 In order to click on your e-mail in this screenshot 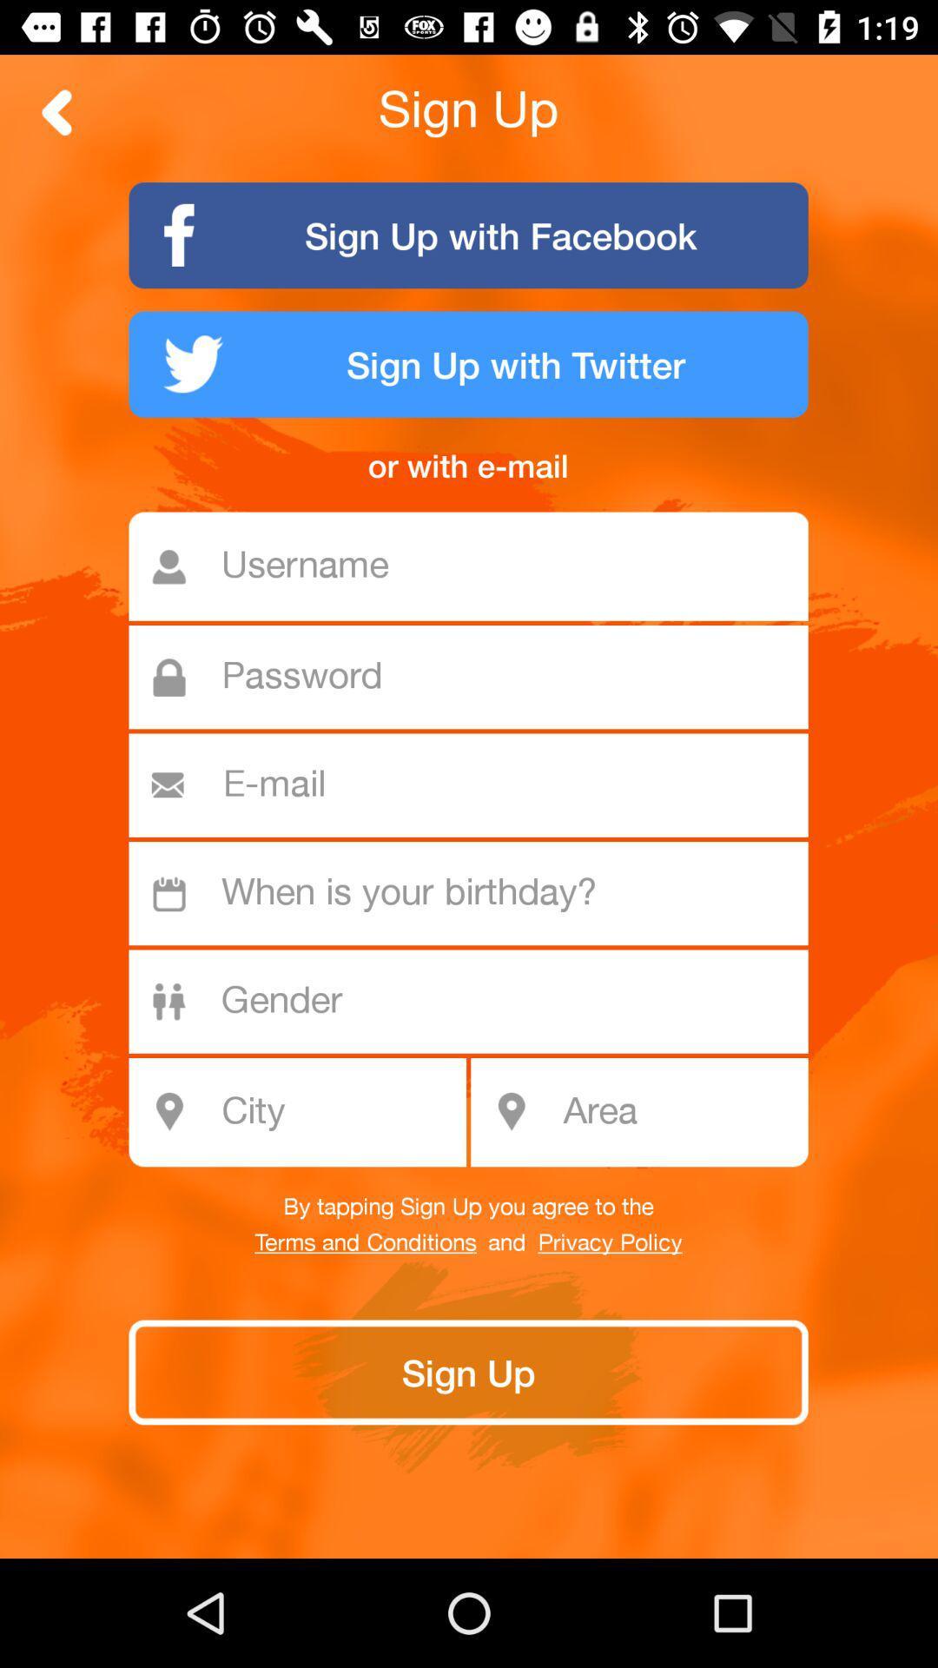, I will do `click(476, 784)`.